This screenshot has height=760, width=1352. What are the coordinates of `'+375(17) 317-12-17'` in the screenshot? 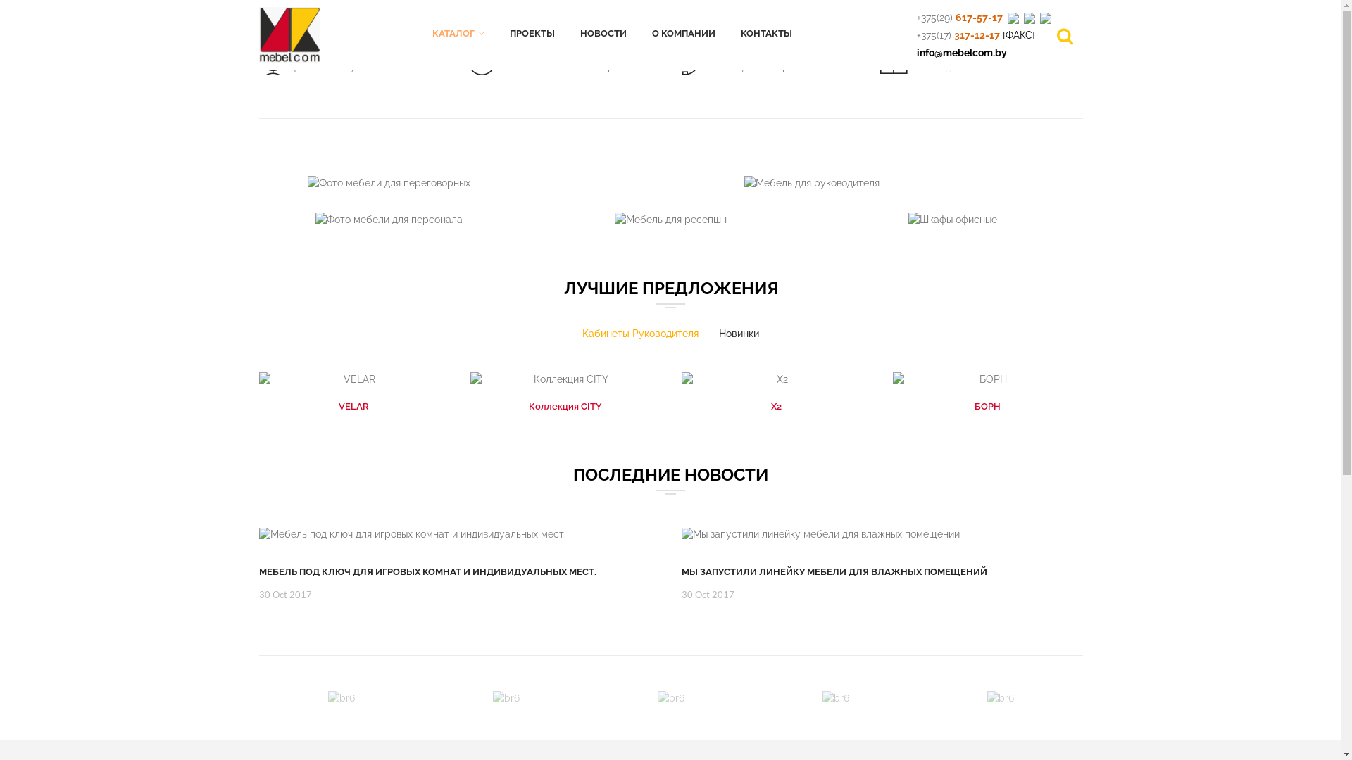 It's located at (958, 34).